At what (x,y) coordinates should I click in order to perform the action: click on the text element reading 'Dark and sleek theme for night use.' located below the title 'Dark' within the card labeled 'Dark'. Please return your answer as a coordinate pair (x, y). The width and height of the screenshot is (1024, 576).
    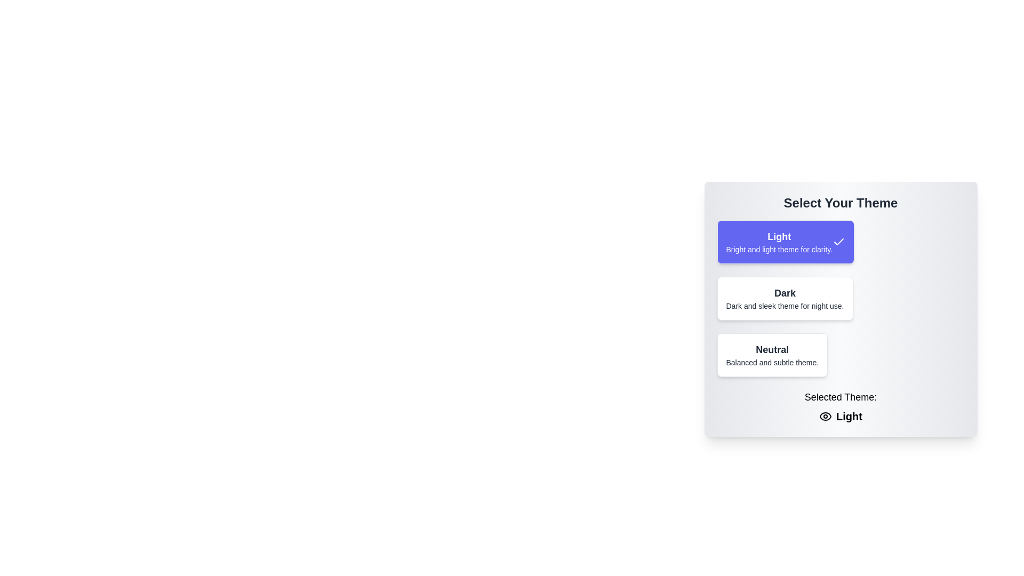
    Looking at the image, I should click on (785, 306).